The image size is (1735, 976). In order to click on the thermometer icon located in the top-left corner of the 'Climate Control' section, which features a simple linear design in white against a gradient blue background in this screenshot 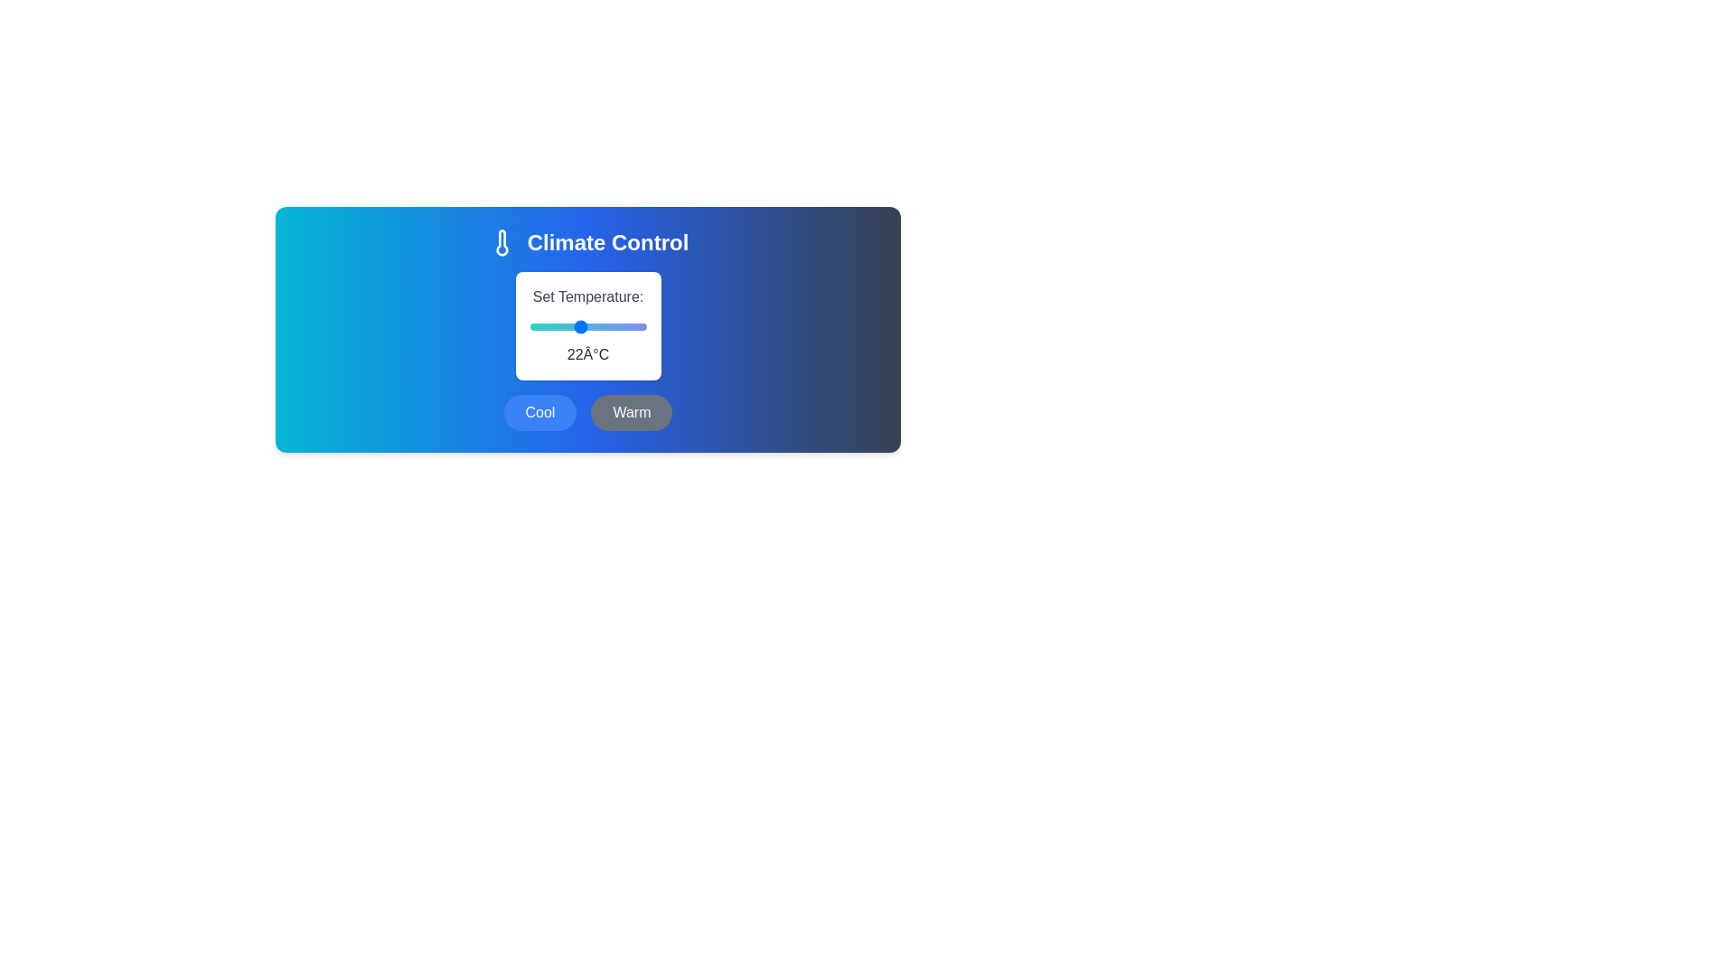, I will do `click(502, 242)`.